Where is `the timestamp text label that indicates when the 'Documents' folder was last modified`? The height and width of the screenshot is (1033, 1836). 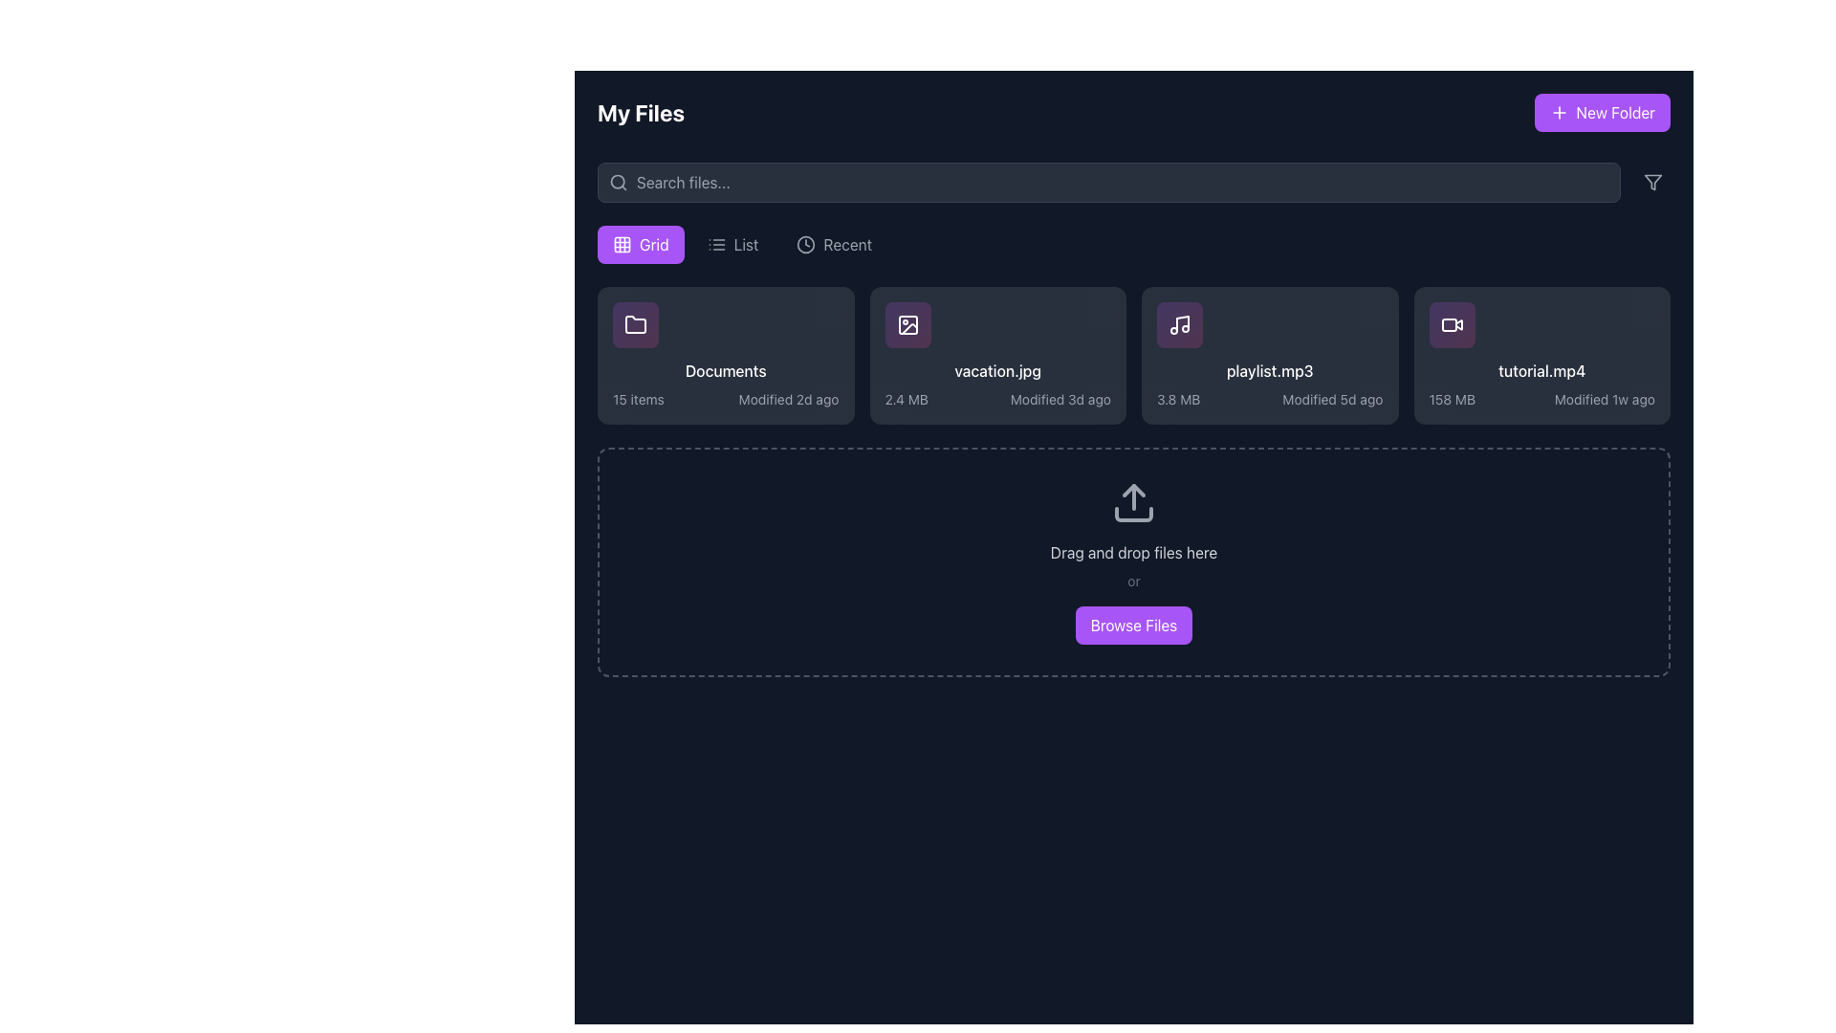 the timestamp text label that indicates when the 'Documents' folder was last modified is located at coordinates (789, 398).